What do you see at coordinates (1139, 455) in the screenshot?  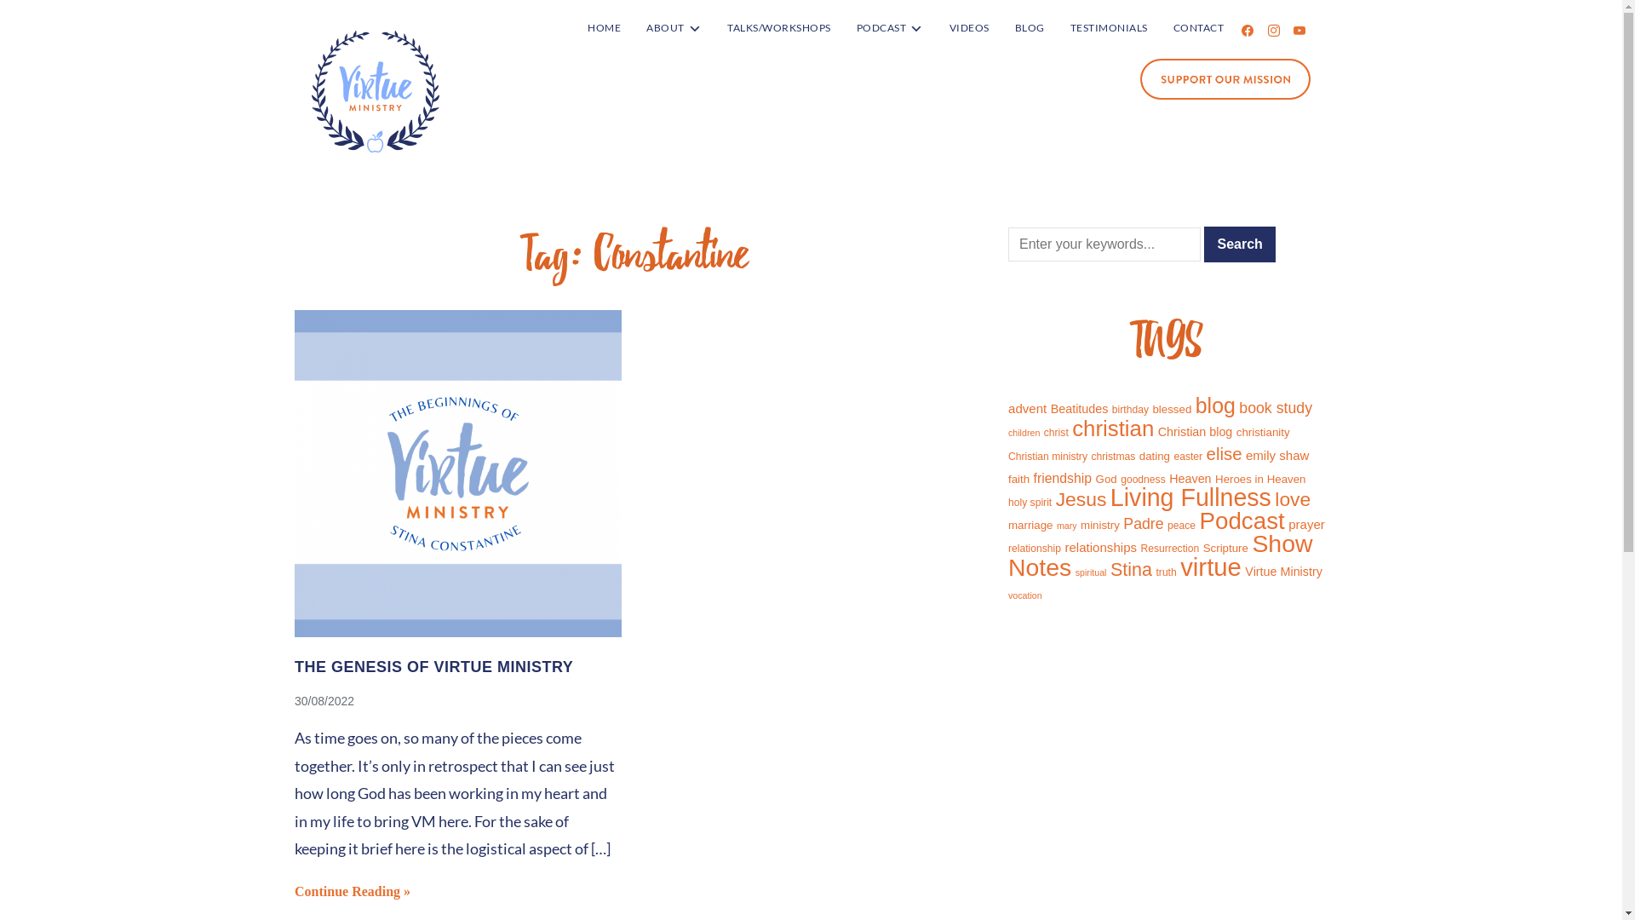 I see `'dating'` at bounding box center [1139, 455].